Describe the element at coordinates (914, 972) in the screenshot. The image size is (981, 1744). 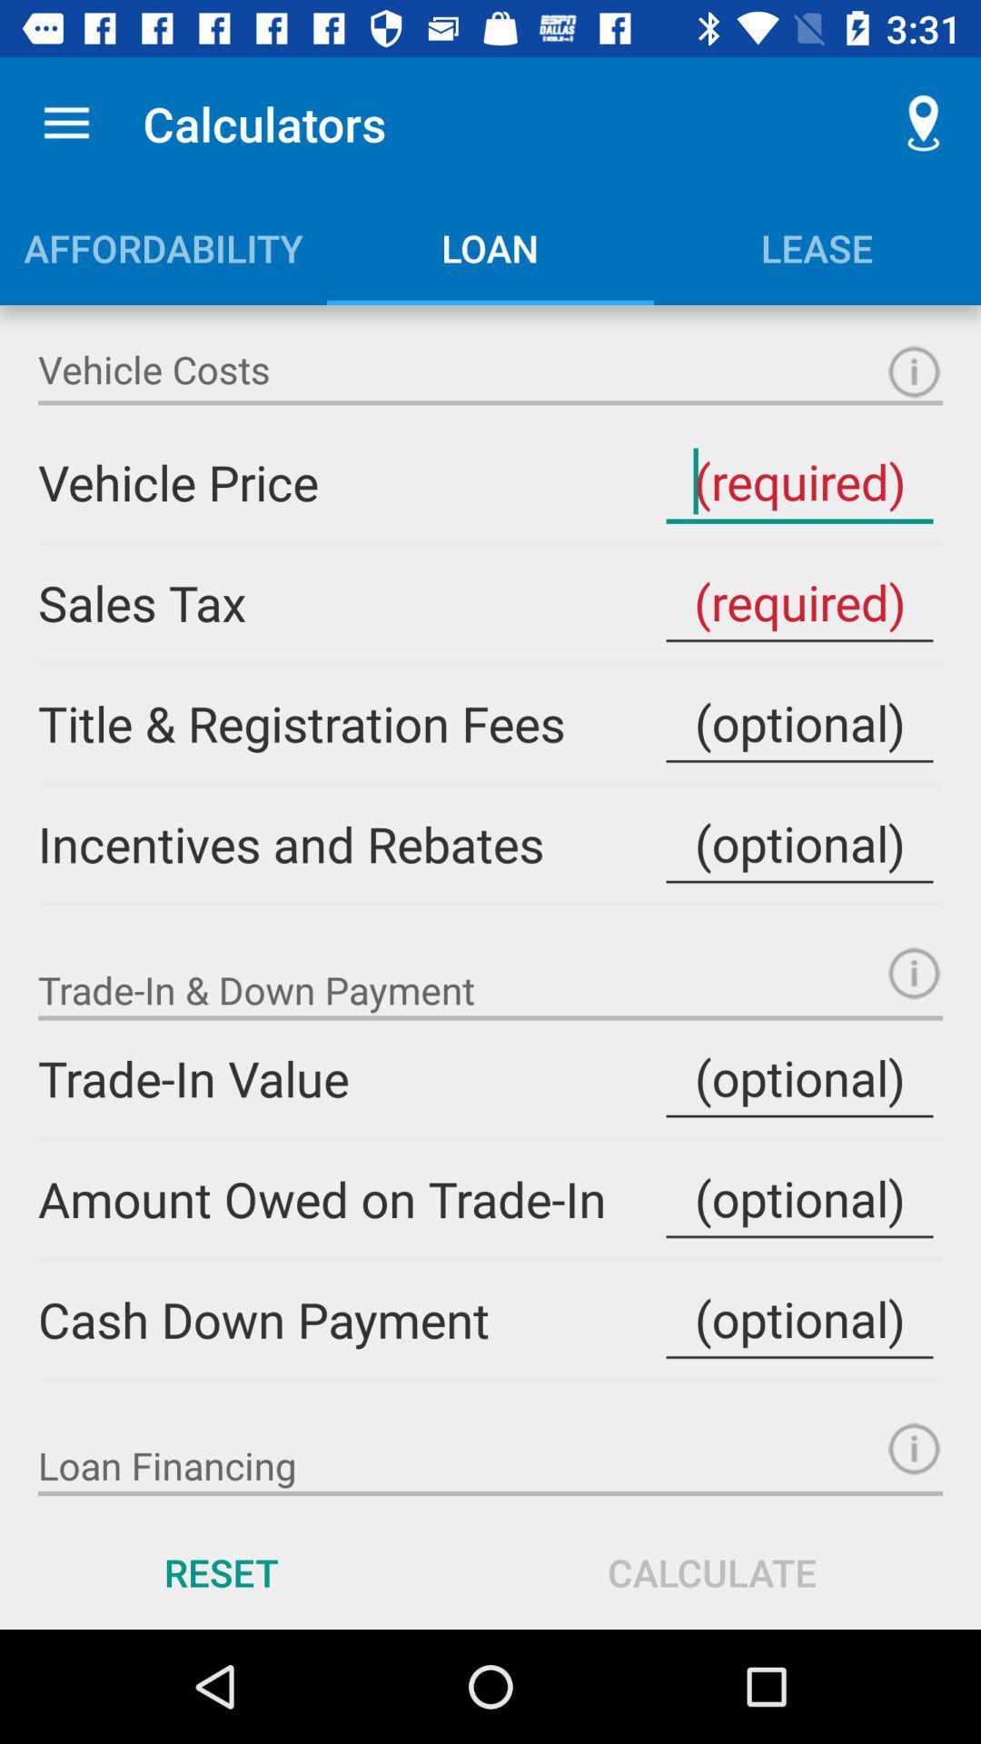
I see `show information` at that location.